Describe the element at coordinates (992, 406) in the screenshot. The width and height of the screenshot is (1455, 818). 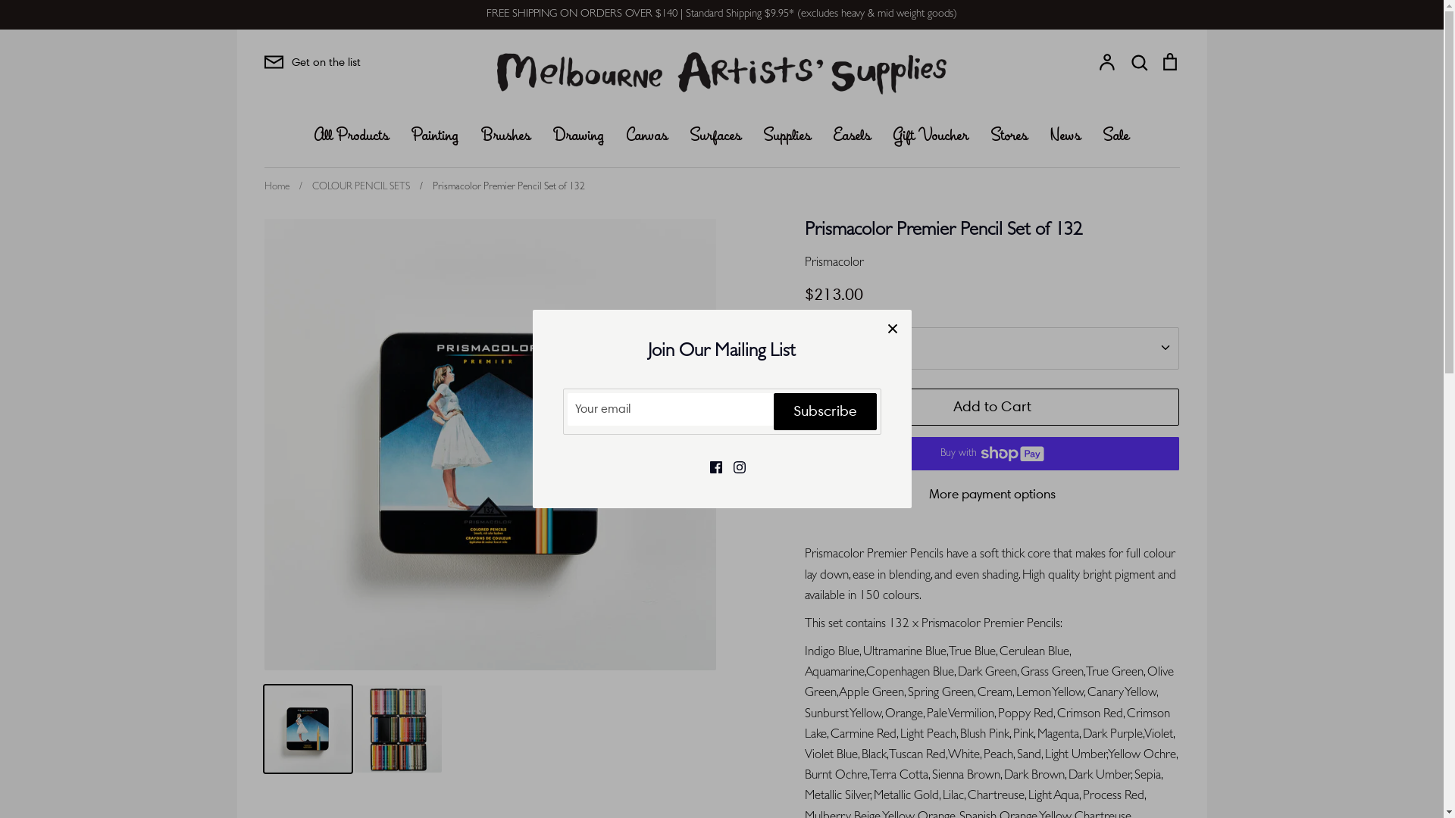
I see `'Add to Cart'` at that location.